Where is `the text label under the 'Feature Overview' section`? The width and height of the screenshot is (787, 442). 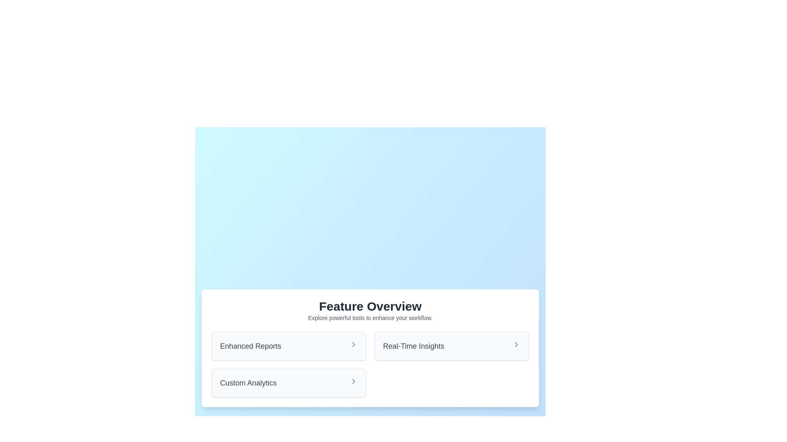
the text label under the 'Feature Overview' section is located at coordinates (250, 346).